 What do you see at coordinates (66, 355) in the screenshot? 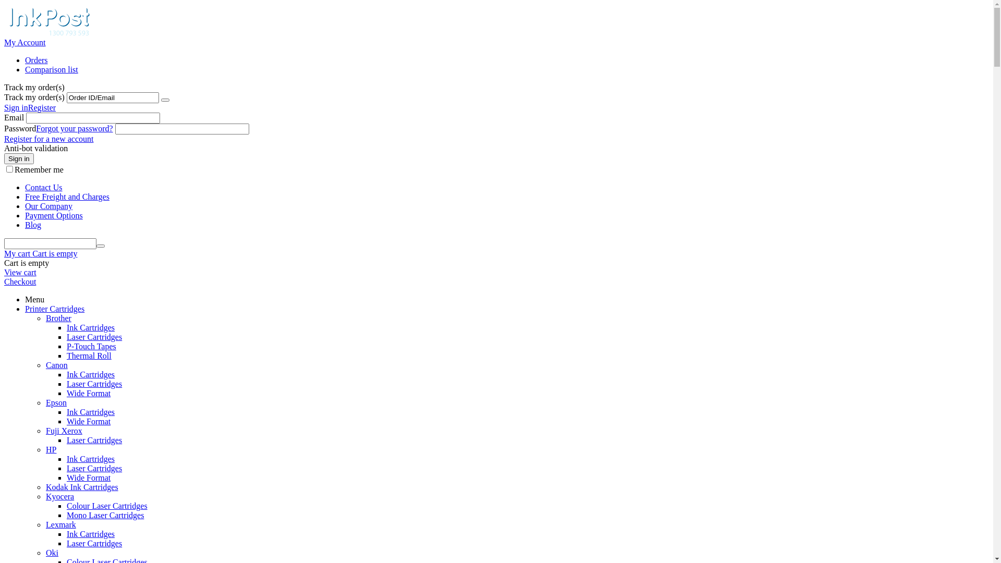
I see `'Thermal Roll'` at bounding box center [66, 355].